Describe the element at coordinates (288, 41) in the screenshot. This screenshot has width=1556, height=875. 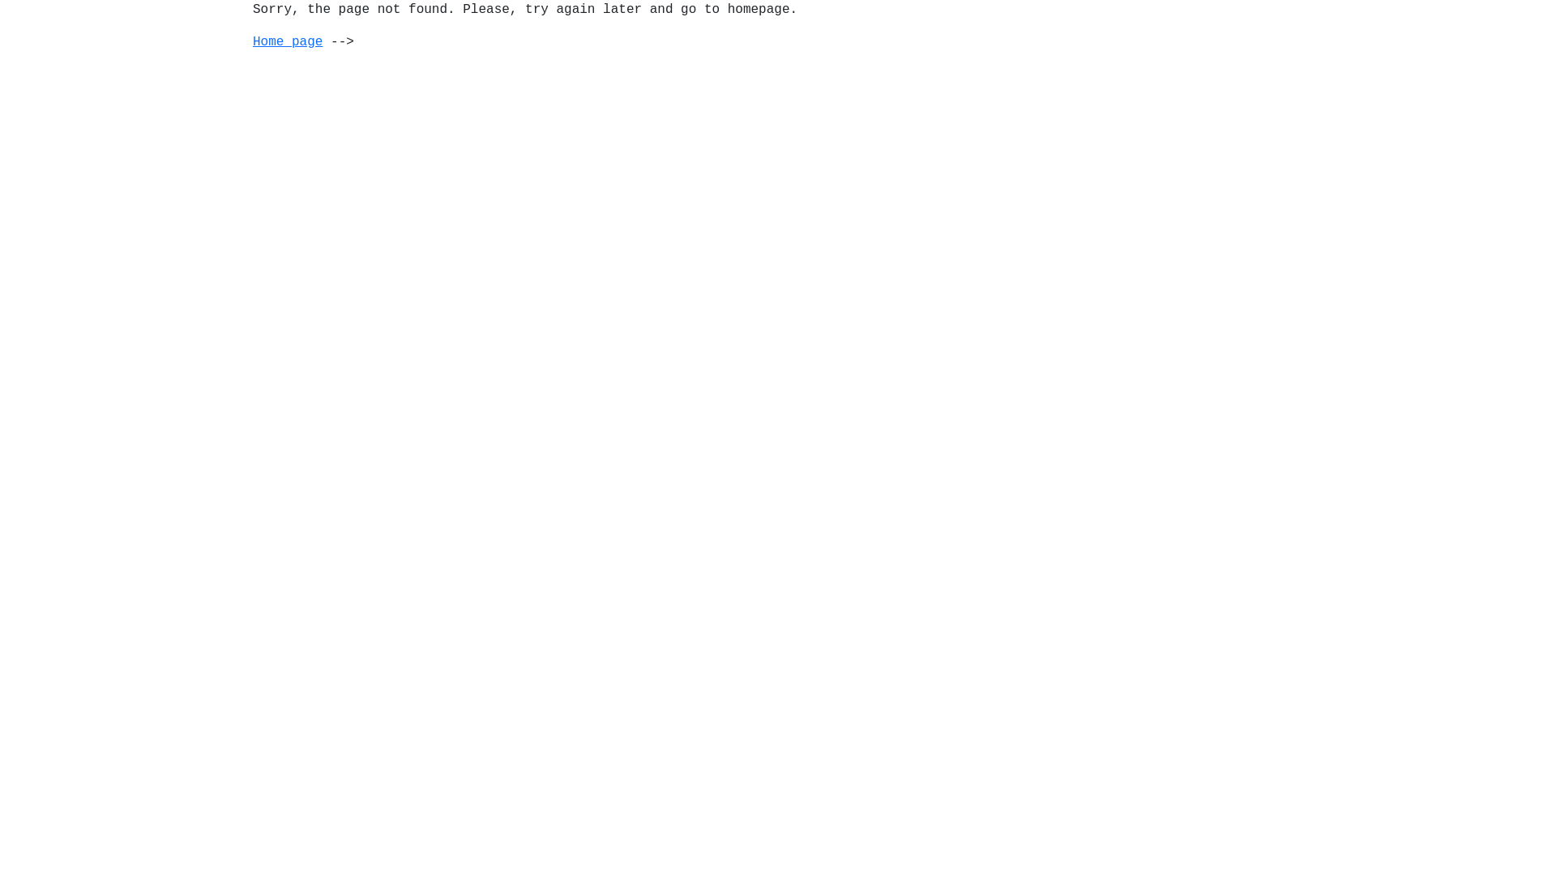
I see `'Home page'` at that location.